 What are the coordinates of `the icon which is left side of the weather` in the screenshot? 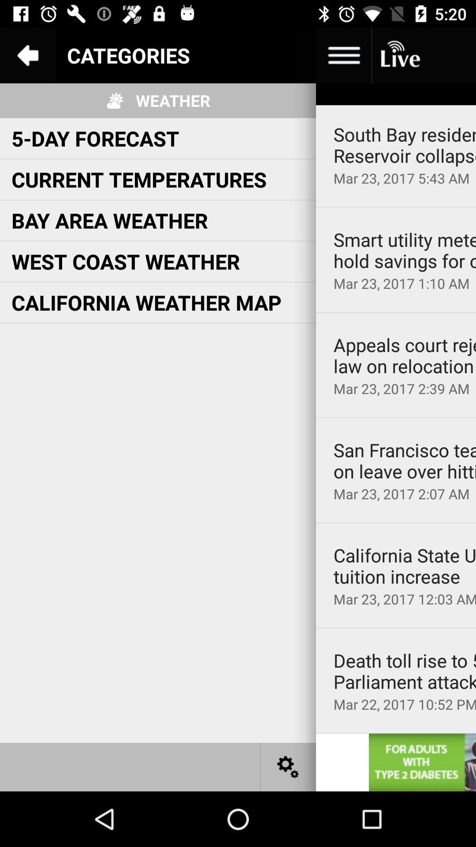 It's located at (115, 101).